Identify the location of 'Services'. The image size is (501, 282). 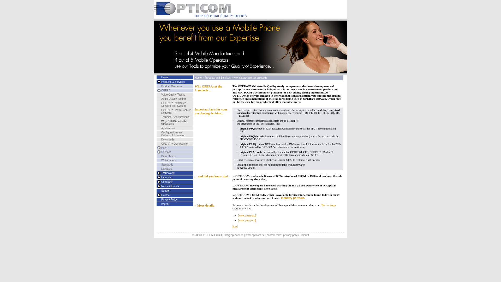
(166, 152).